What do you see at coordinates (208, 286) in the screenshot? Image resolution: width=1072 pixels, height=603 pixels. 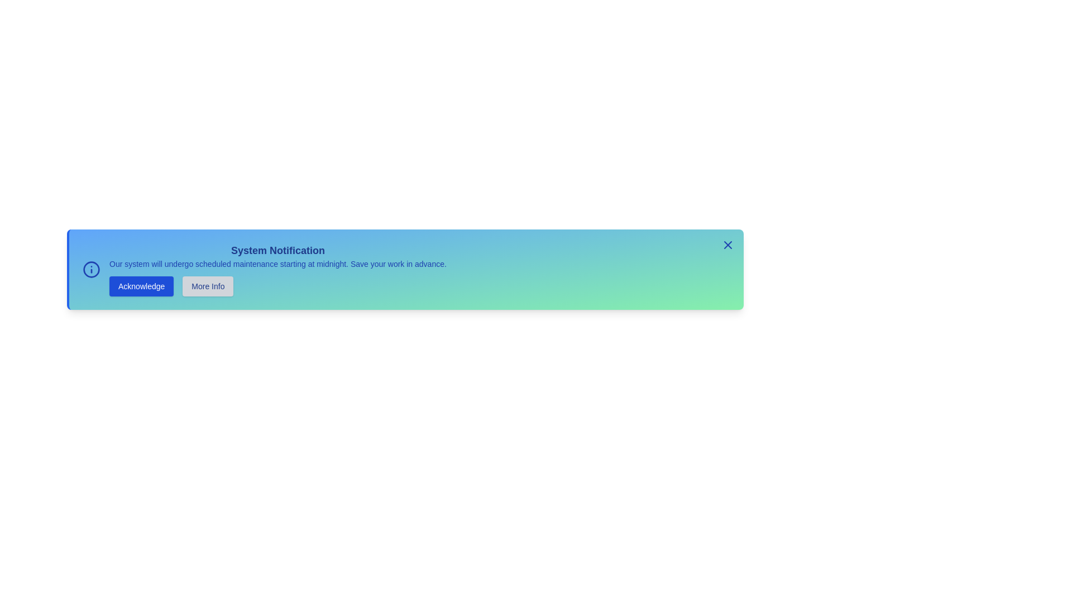 I see `the 'More Info' button to request additional information about the notification` at bounding box center [208, 286].